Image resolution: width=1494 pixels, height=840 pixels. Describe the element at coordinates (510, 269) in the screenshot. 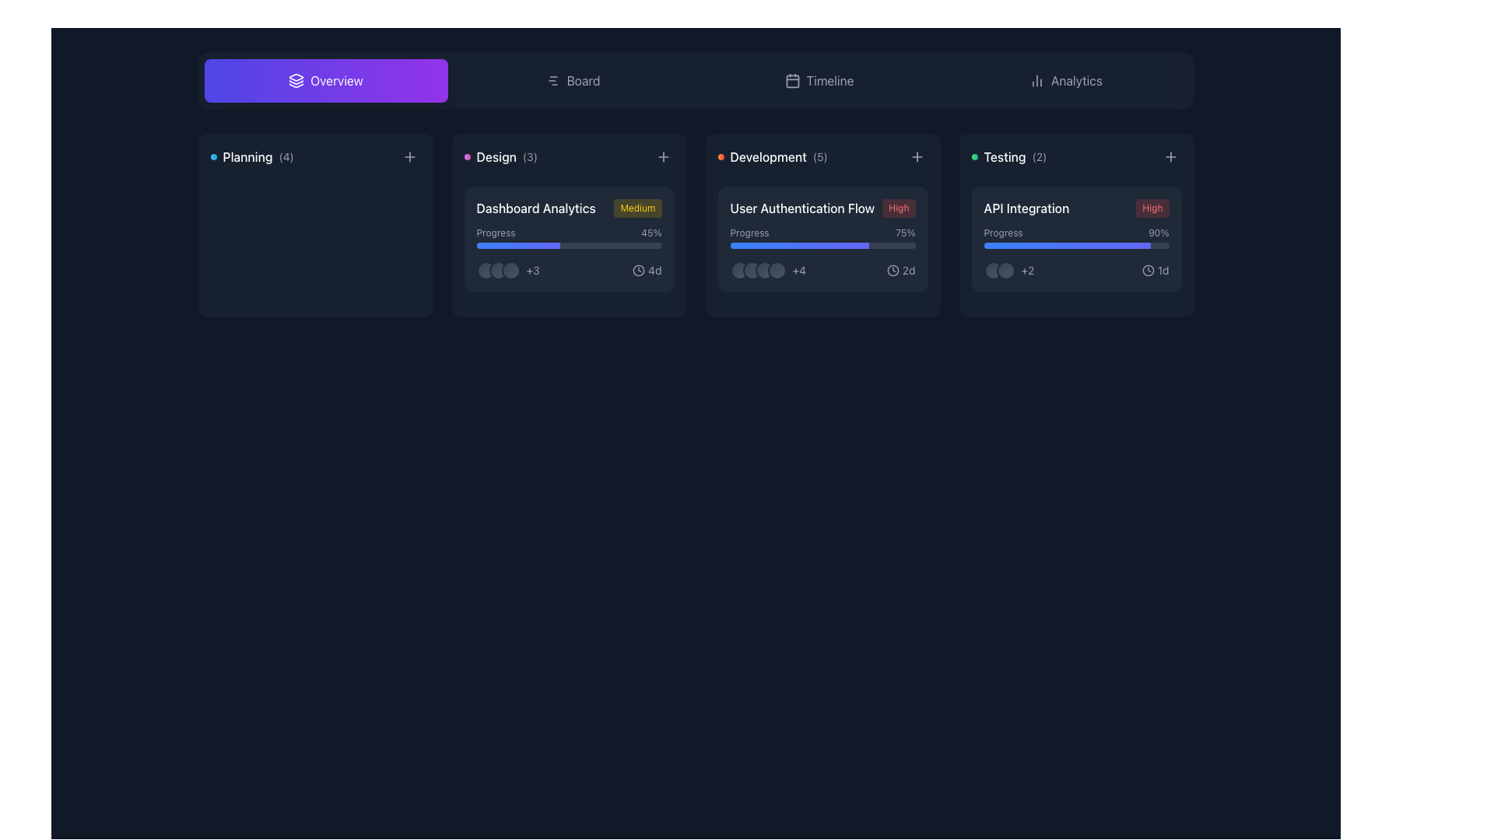

I see `the third circular icon within the 'Dashboard Analytics' card, located in the bottom-left corner of the card under the 'Design' section` at that location.